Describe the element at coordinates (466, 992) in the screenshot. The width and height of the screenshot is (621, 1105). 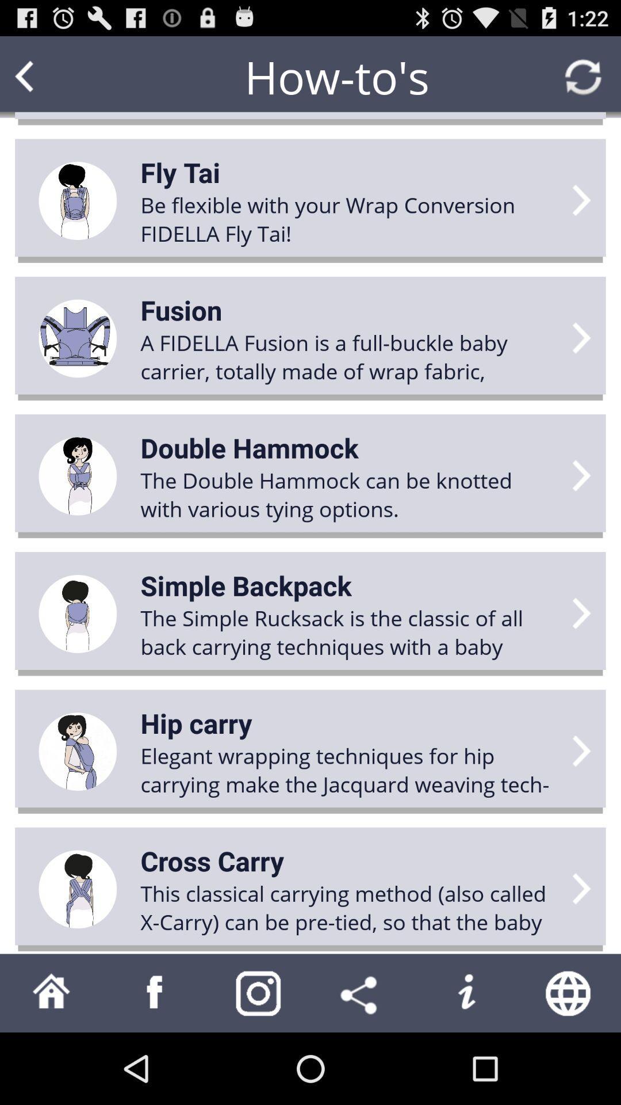
I see `the app below this classical carrying item` at that location.